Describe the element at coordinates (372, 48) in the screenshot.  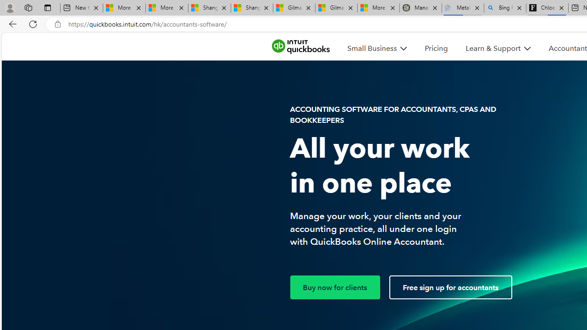
I see `'Small Business'` at that location.